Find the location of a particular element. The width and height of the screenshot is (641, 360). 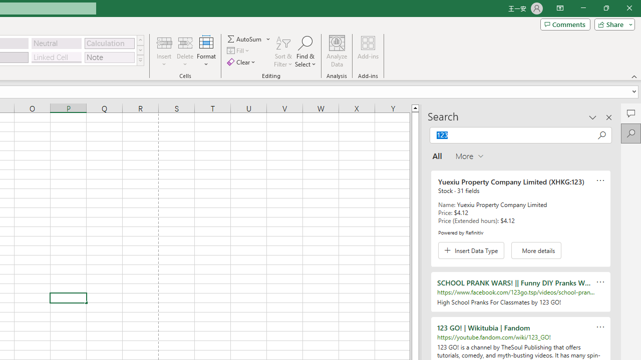

'Clear' is located at coordinates (242, 62).